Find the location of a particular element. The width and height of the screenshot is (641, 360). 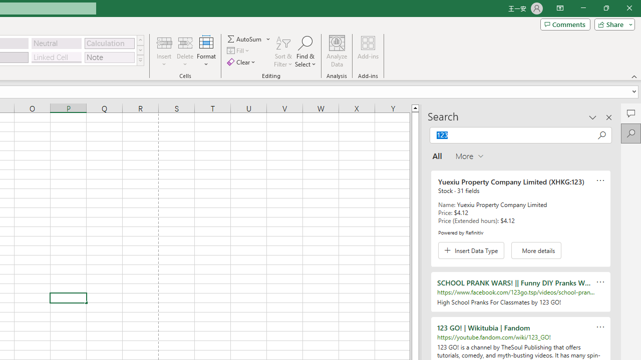

'Clear' is located at coordinates (242, 62).